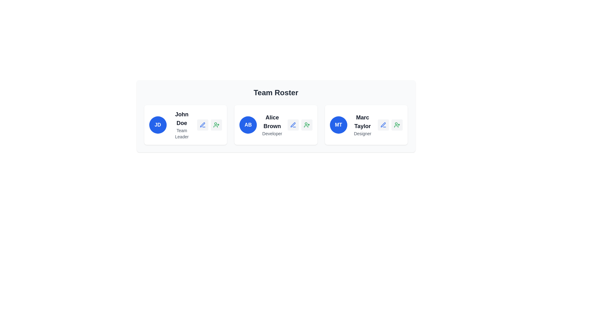 Image resolution: width=597 pixels, height=335 pixels. Describe the element at coordinates (293, 125) in the screenshot. I see `the SVG Icon for editing associated with team member 'Alice Brown', located on the second card in a horizontal list, near the bottom-right corner` at that location.